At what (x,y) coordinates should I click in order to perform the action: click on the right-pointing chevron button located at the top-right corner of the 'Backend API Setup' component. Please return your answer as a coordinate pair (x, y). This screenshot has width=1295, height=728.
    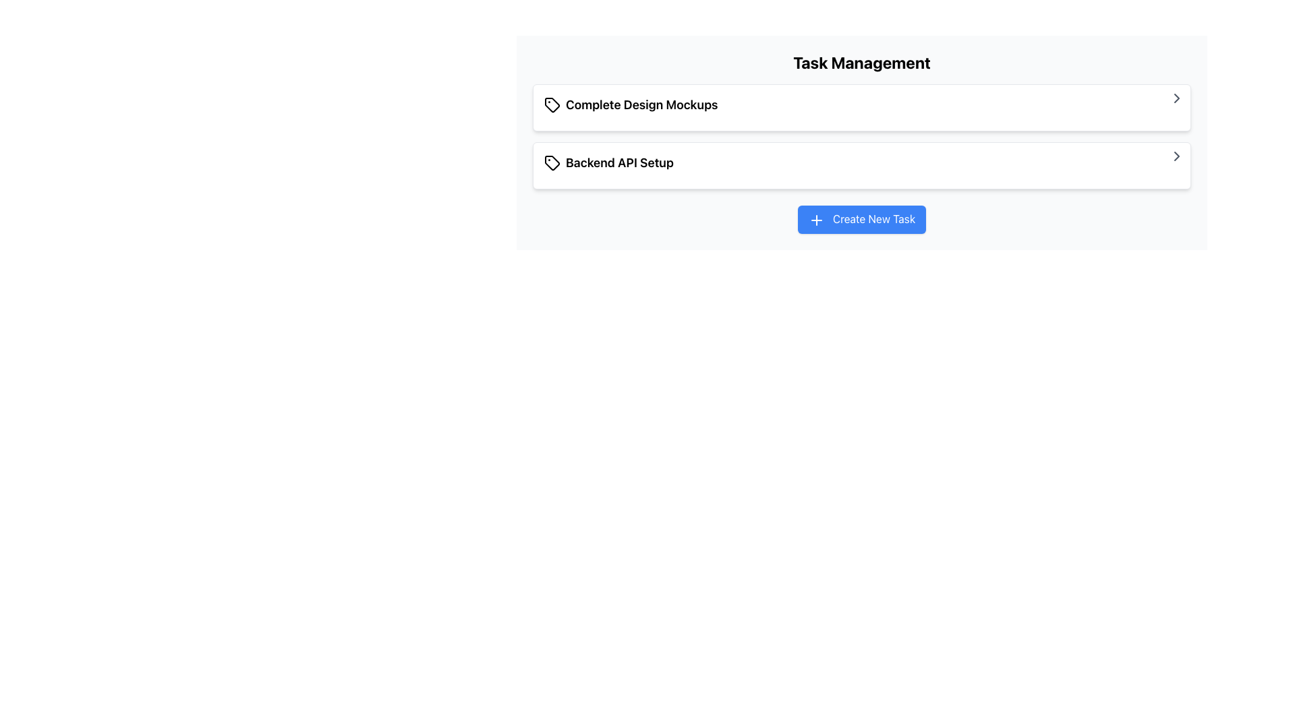
    Looking at the image, I should click on (1176, 155).